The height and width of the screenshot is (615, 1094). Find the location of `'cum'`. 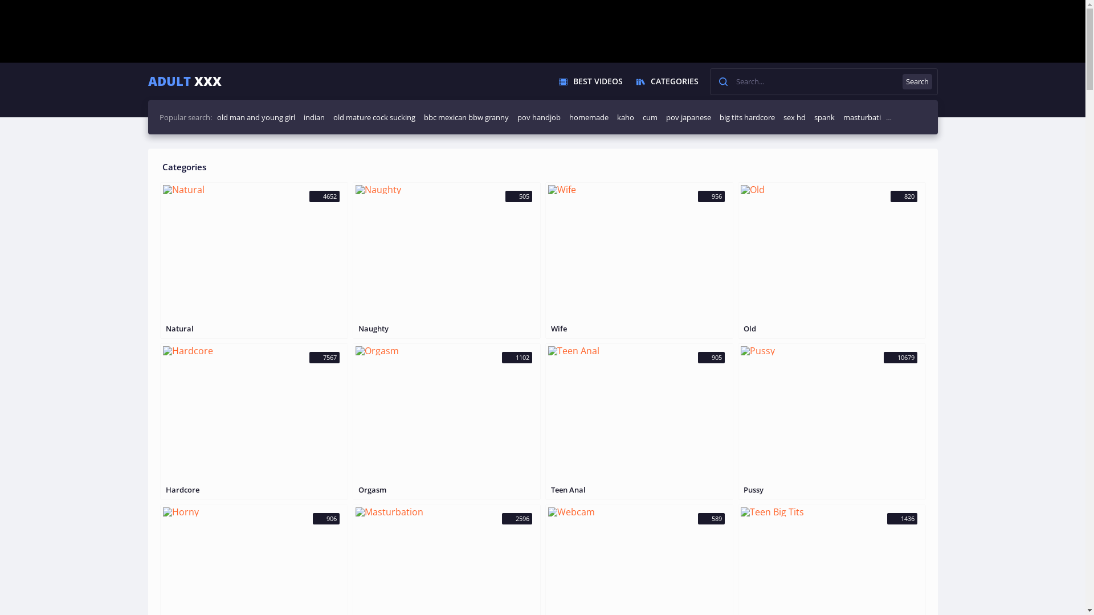

'cum' is located at coordinates (650, 117).